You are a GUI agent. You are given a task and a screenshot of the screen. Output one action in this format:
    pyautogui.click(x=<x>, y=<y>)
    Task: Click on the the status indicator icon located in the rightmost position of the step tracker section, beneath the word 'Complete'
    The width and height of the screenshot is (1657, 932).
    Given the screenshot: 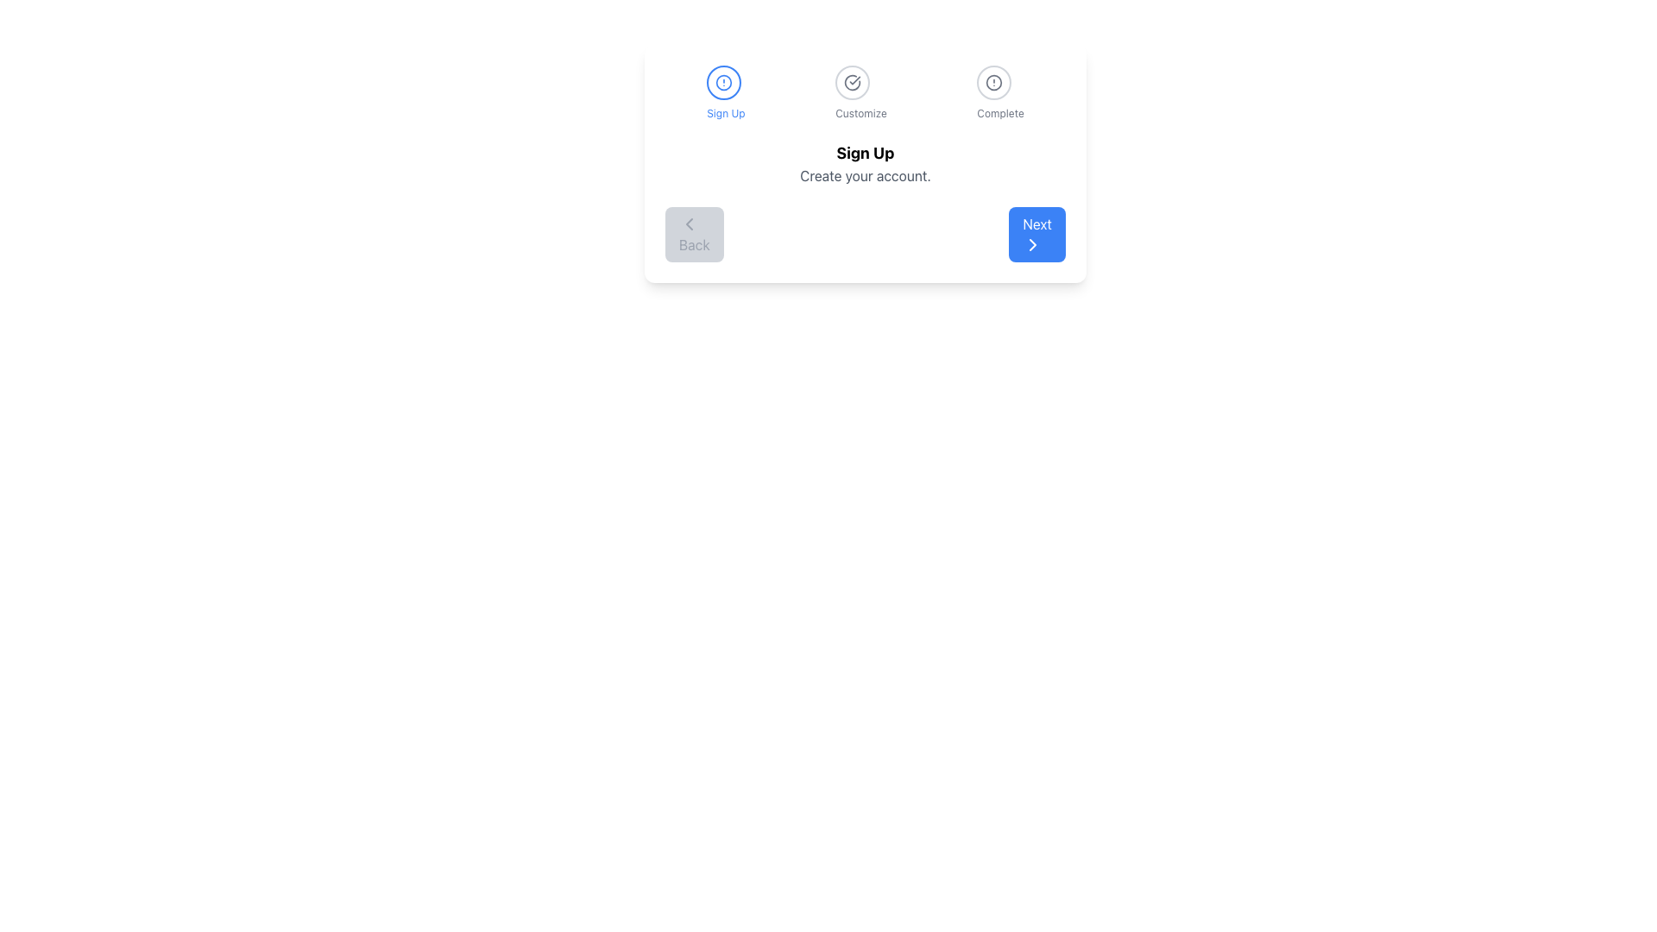 What is the action you would take?
    pyautogui.click(x=994, y=83)
    